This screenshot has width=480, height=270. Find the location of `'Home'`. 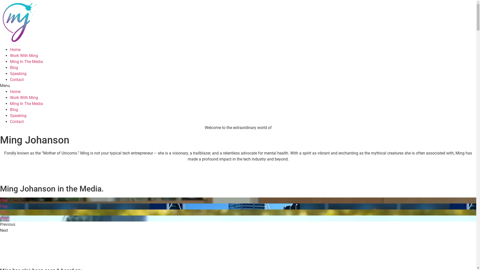

'Home' is located at coordinates (15, 91).